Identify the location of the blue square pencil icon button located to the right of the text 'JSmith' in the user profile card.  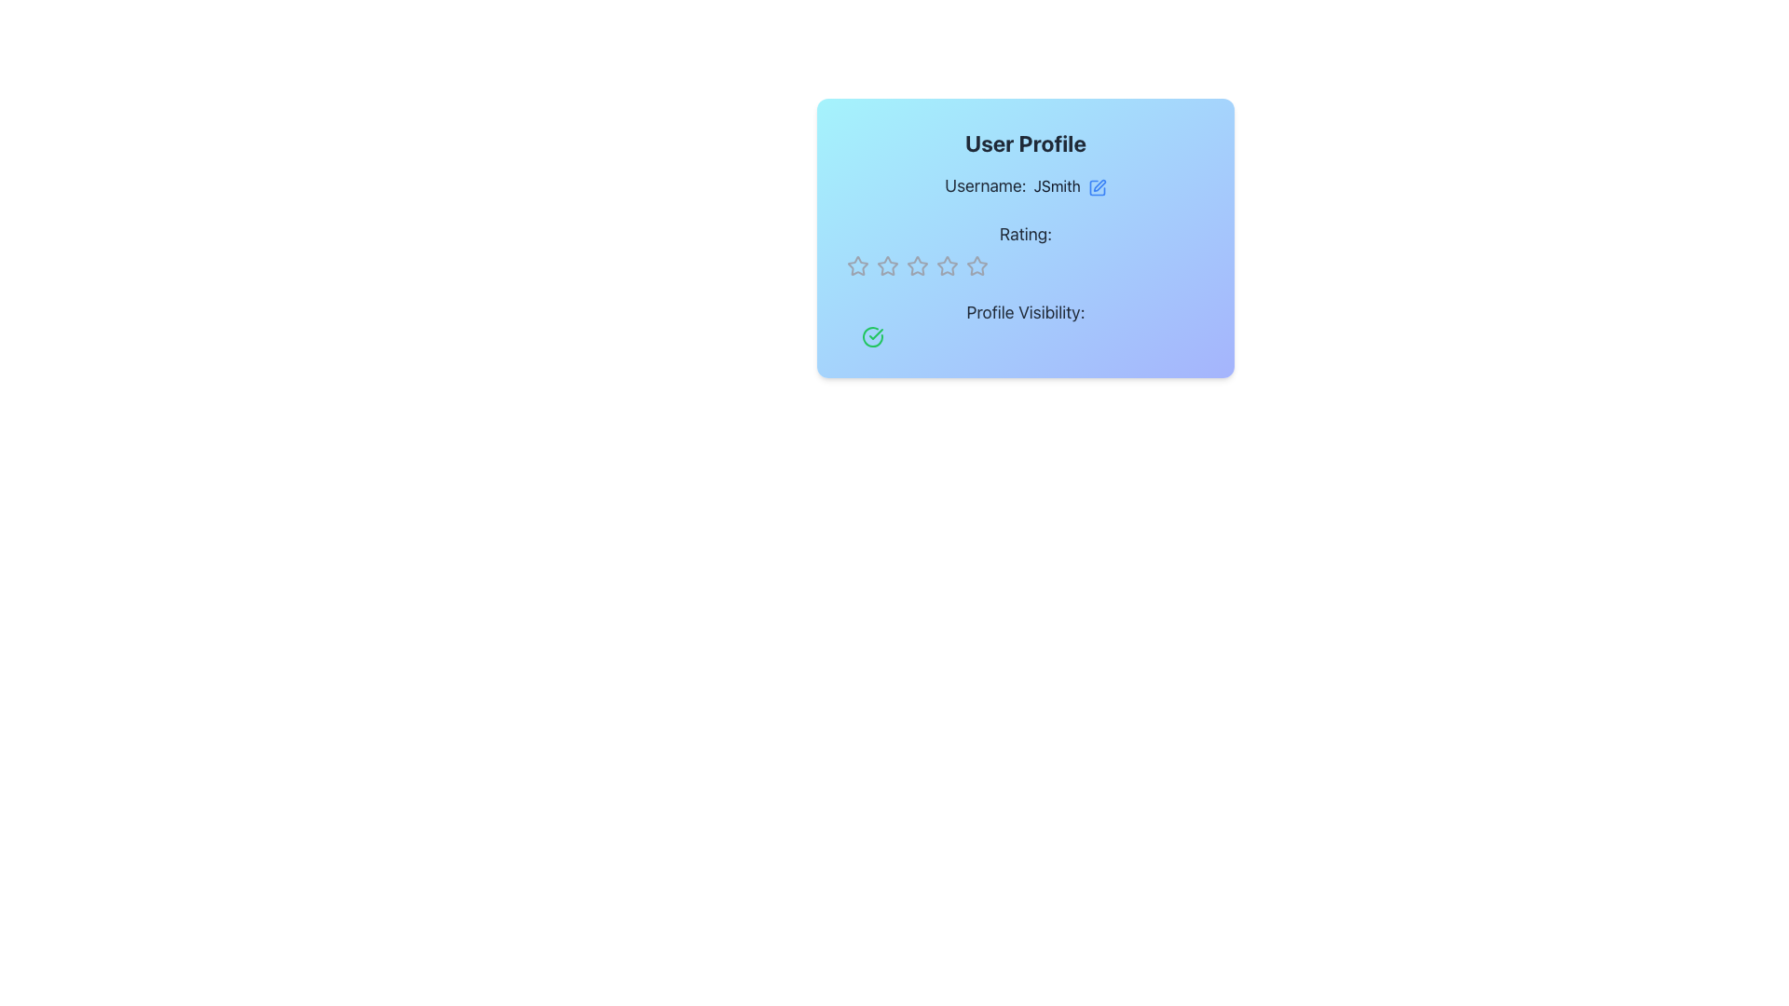
(1097, 187).